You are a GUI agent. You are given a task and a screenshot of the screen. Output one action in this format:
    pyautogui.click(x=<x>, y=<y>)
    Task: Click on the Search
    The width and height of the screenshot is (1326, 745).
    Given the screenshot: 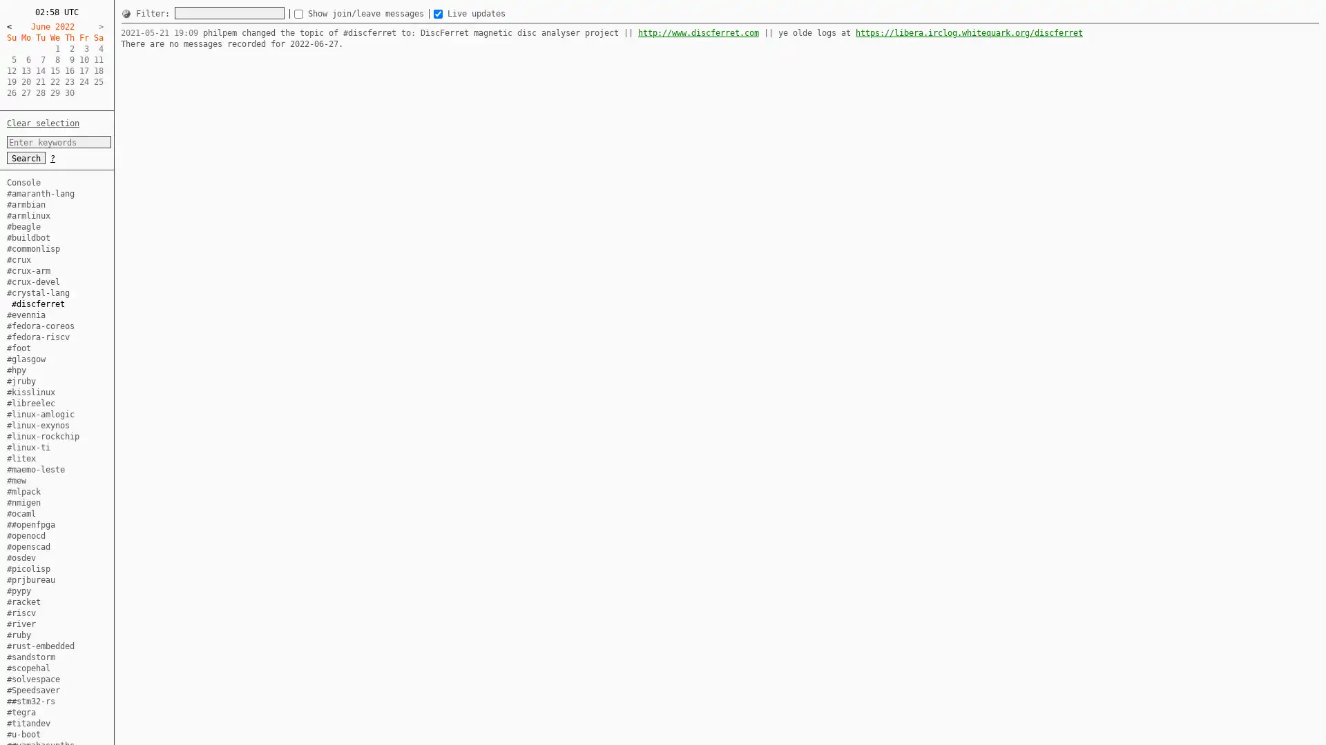 What is the action you would take?
    pyautogui.click(x=26, y=157)
    